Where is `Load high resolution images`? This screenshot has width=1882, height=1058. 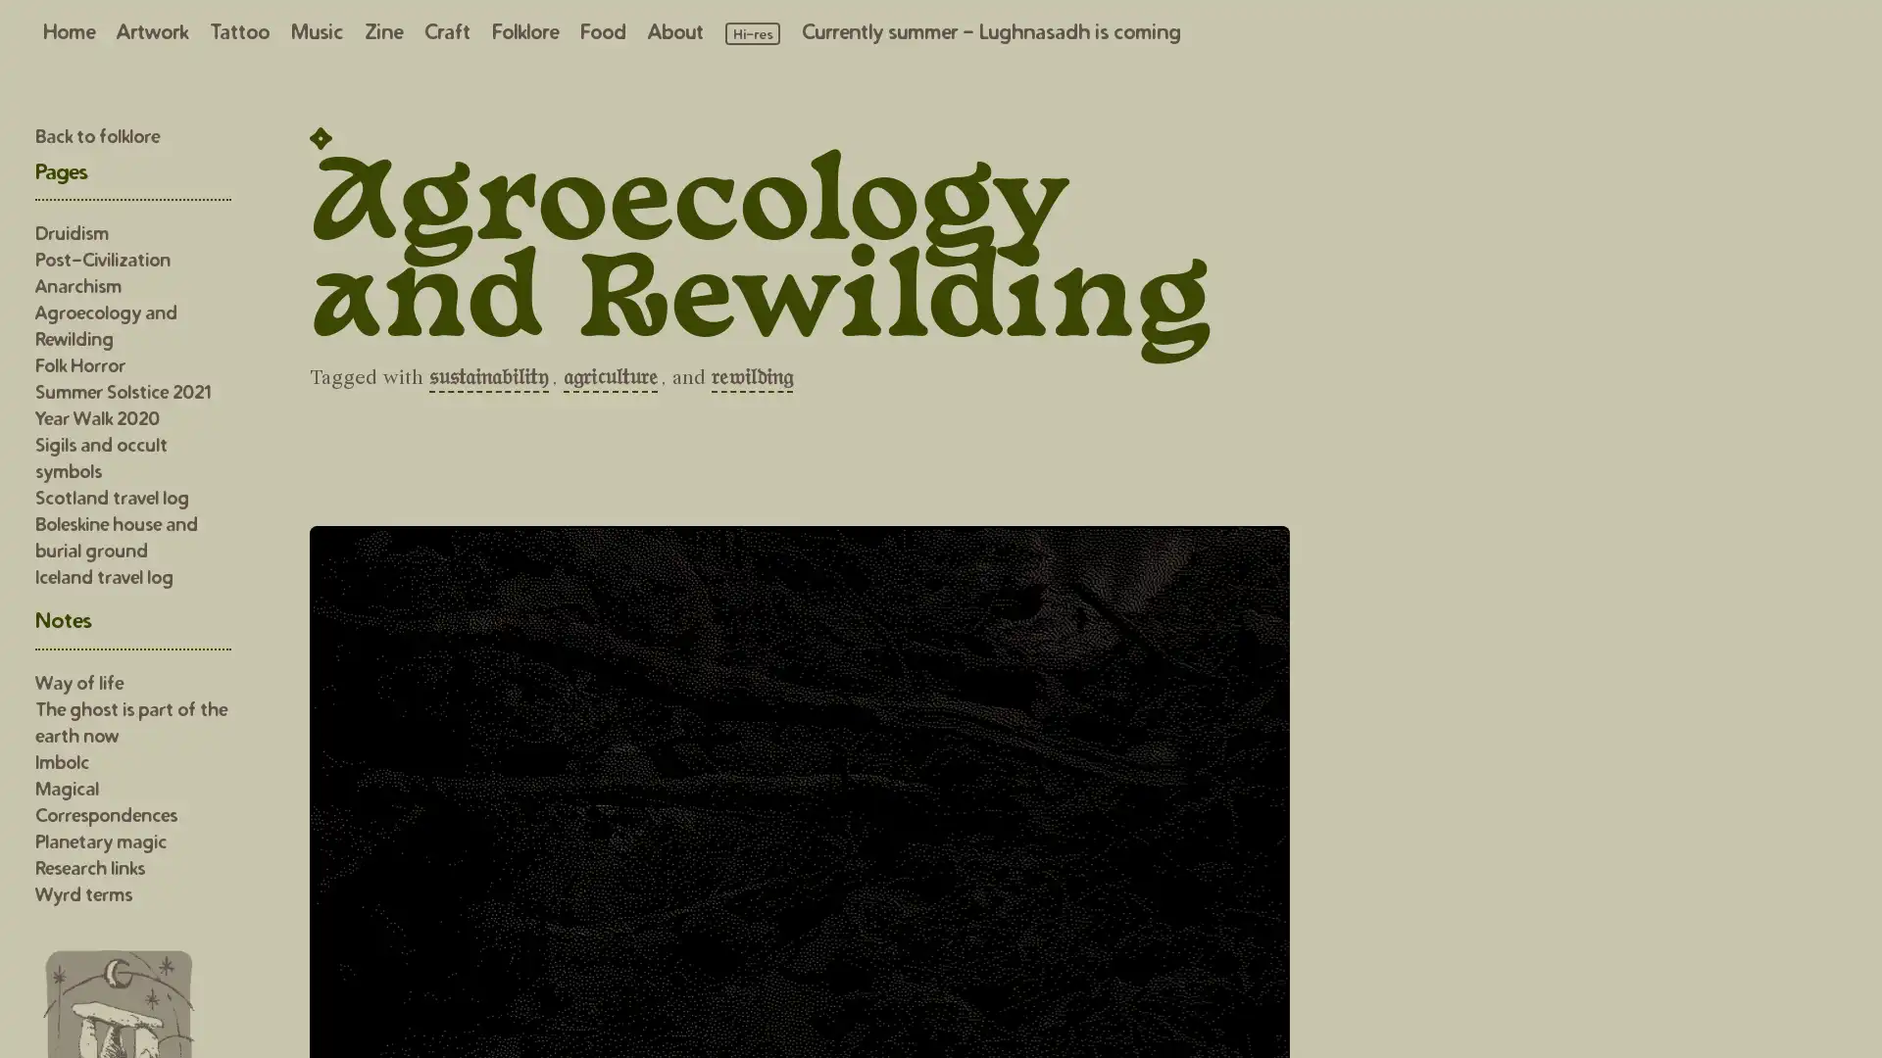
Load high resolution images is located at coordinates (752, 33).